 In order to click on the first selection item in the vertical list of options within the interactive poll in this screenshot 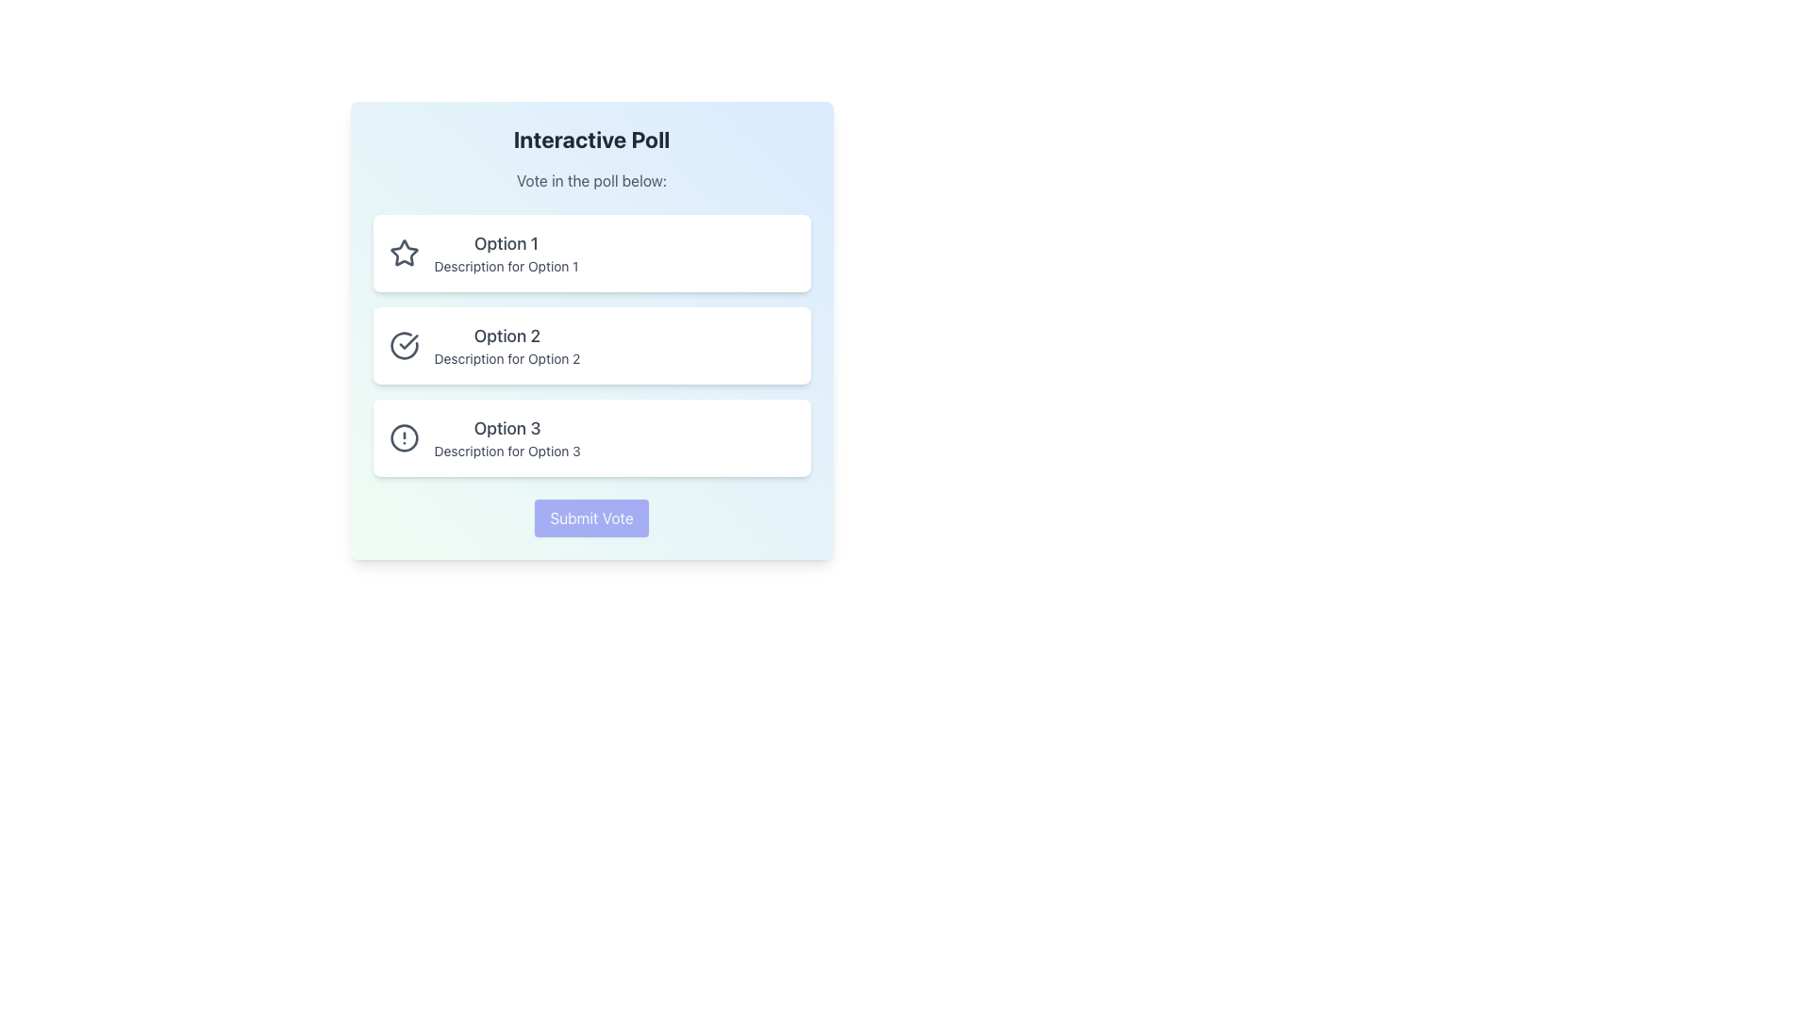, I will do `click(590, 253)`.